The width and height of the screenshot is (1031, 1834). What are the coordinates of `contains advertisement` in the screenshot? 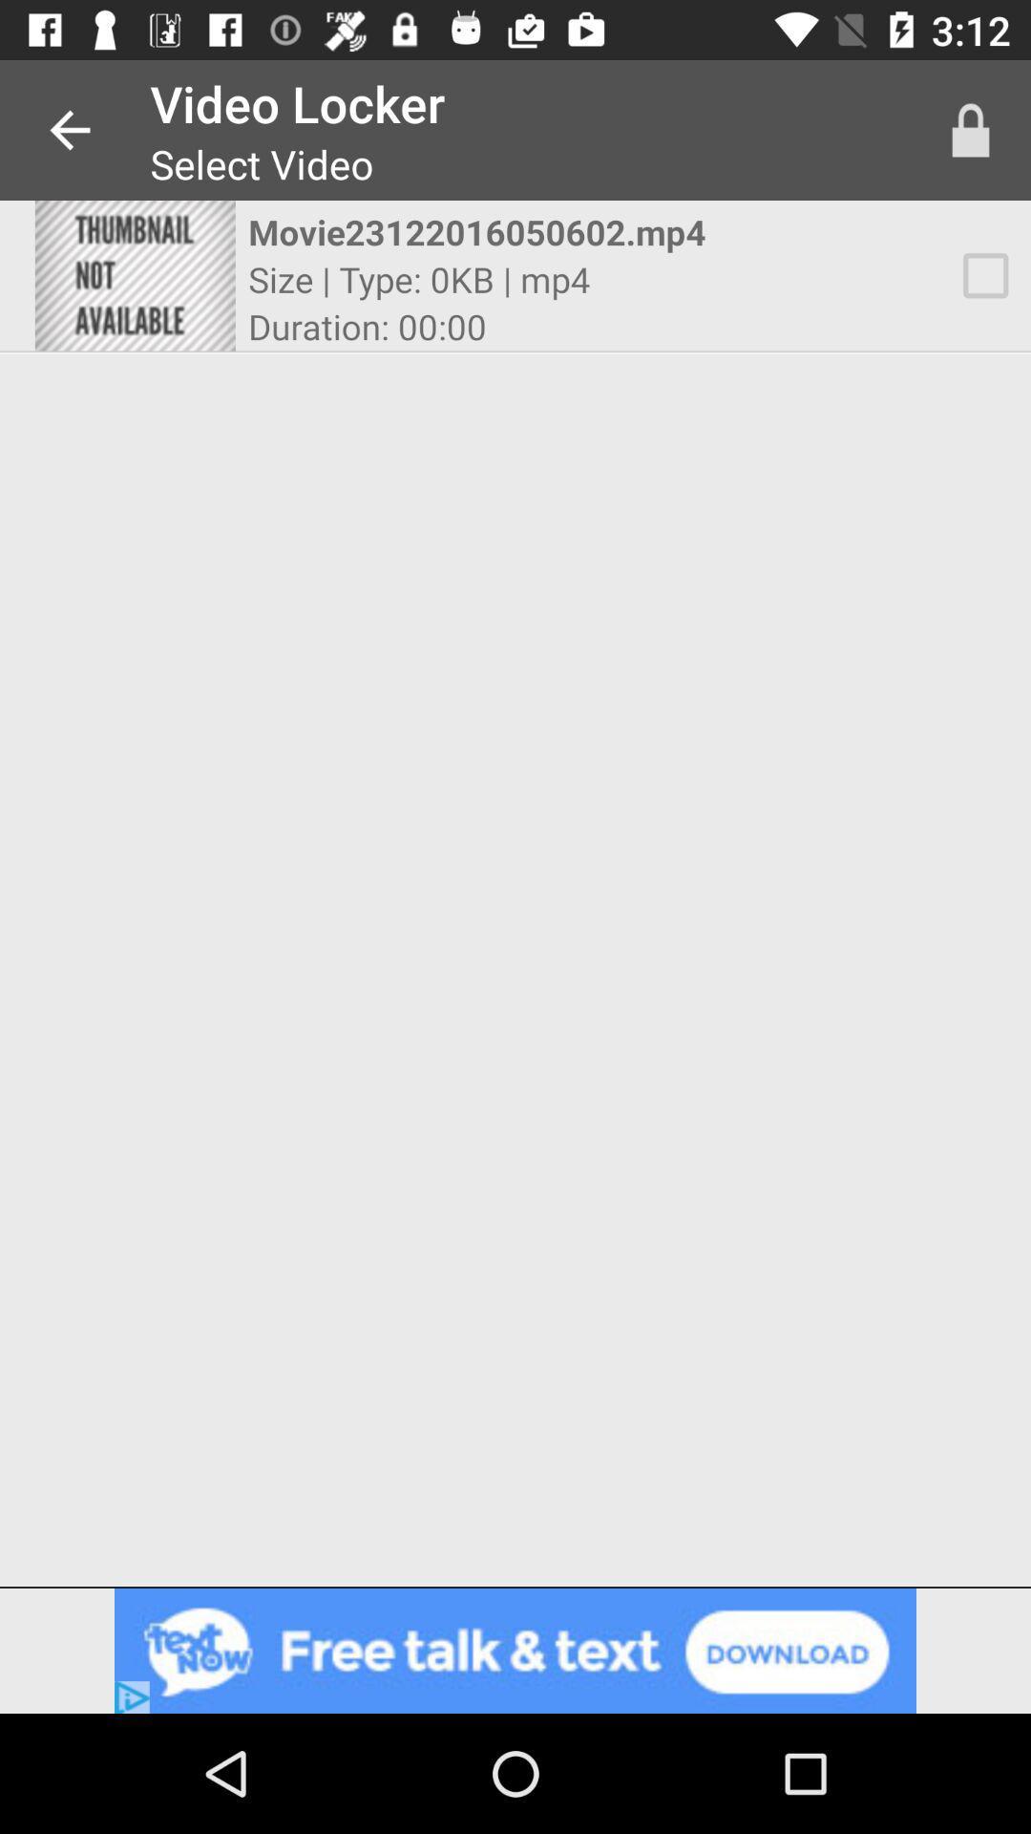 It's located at (515, 1650).